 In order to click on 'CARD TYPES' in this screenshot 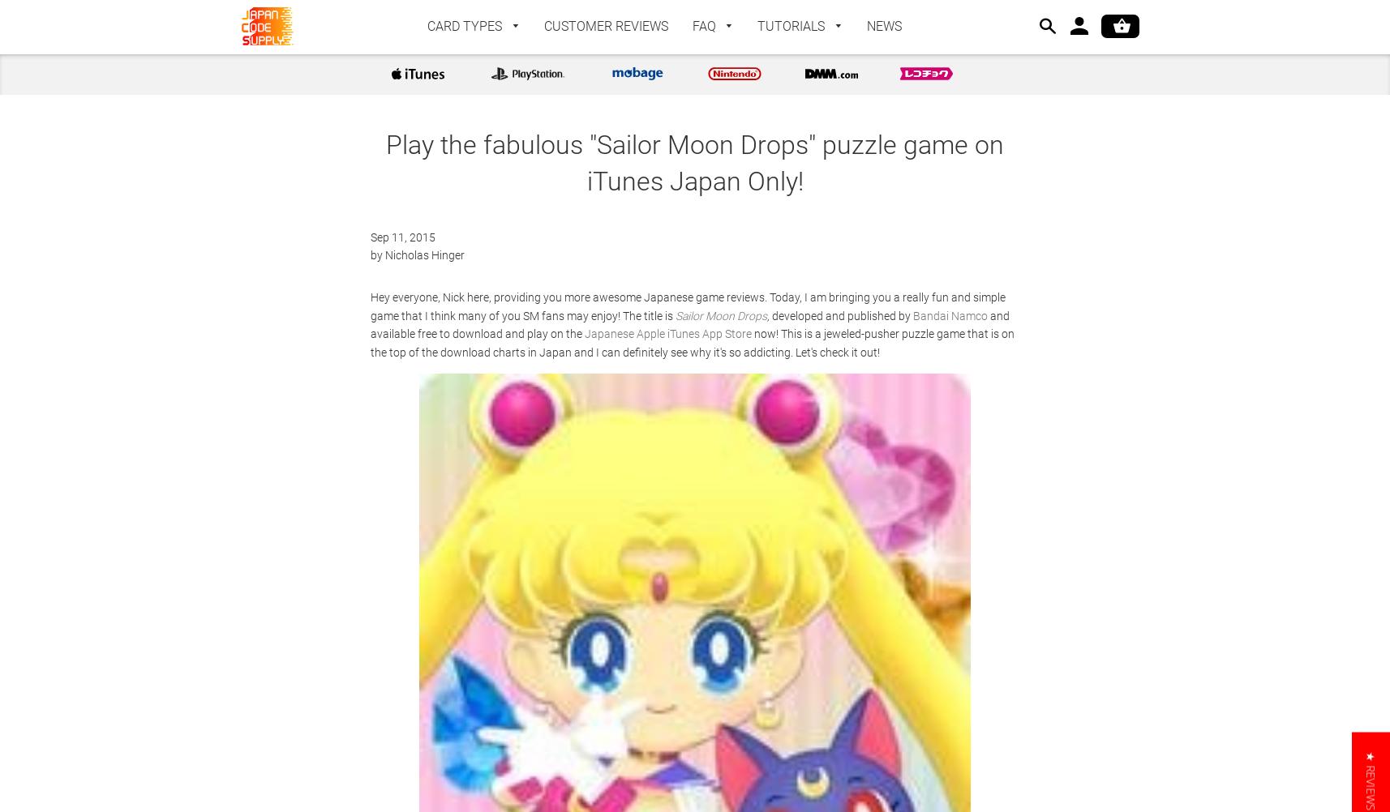, I will do `click(465, 26)`.